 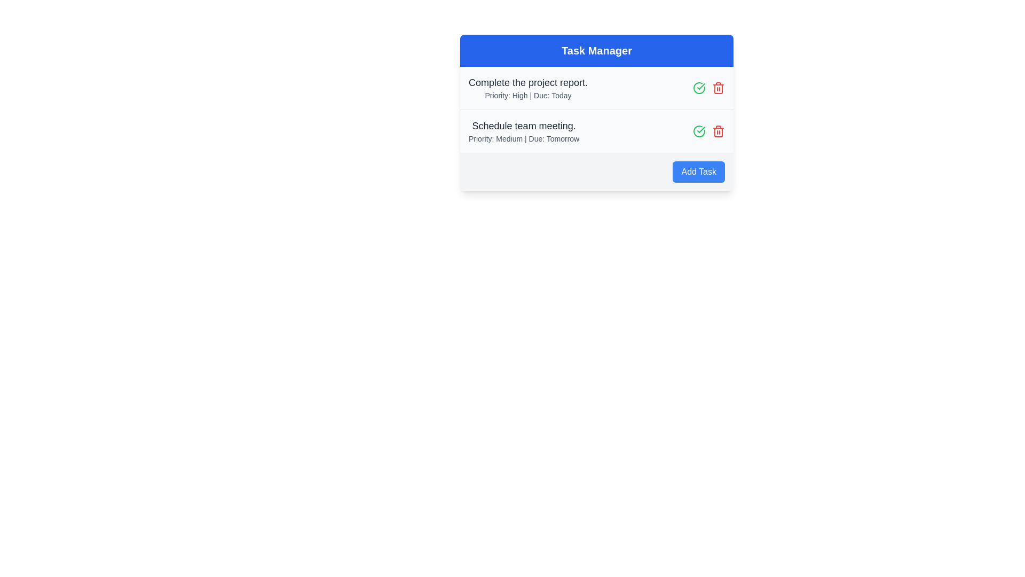 What do you see at coordinates (524, 138) in the screenshot?
I see `text label containing 'Priority: Medium | Due: Tomorrow', which is located below the title 'Schedule team meeting.'` at bounding box center [524, 138].